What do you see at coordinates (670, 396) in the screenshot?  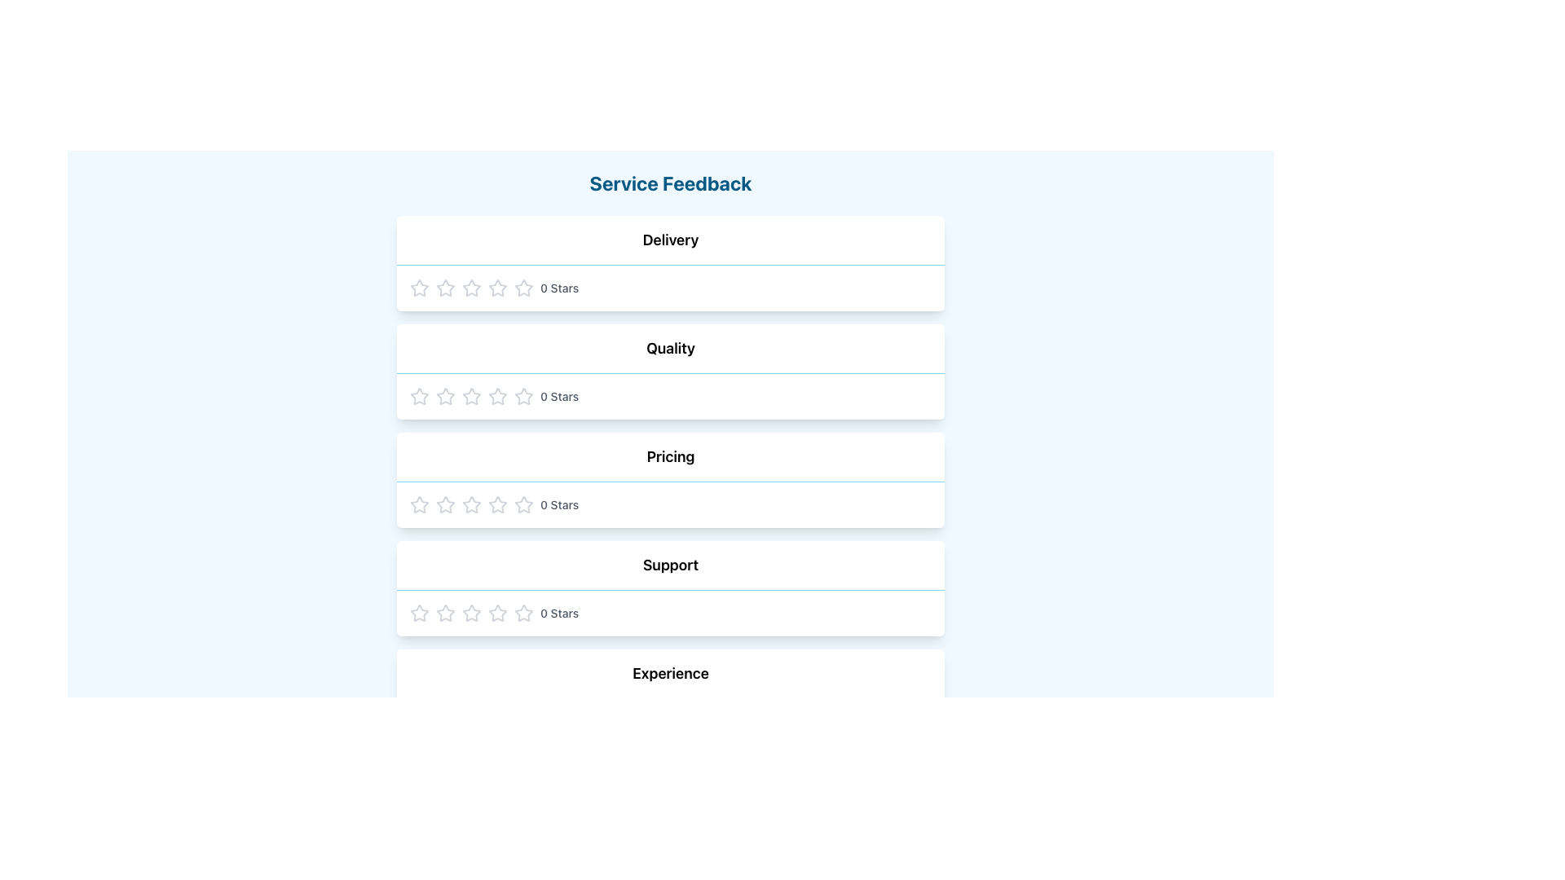 I see `the second rating component's star` at bounding box center [670, 396].